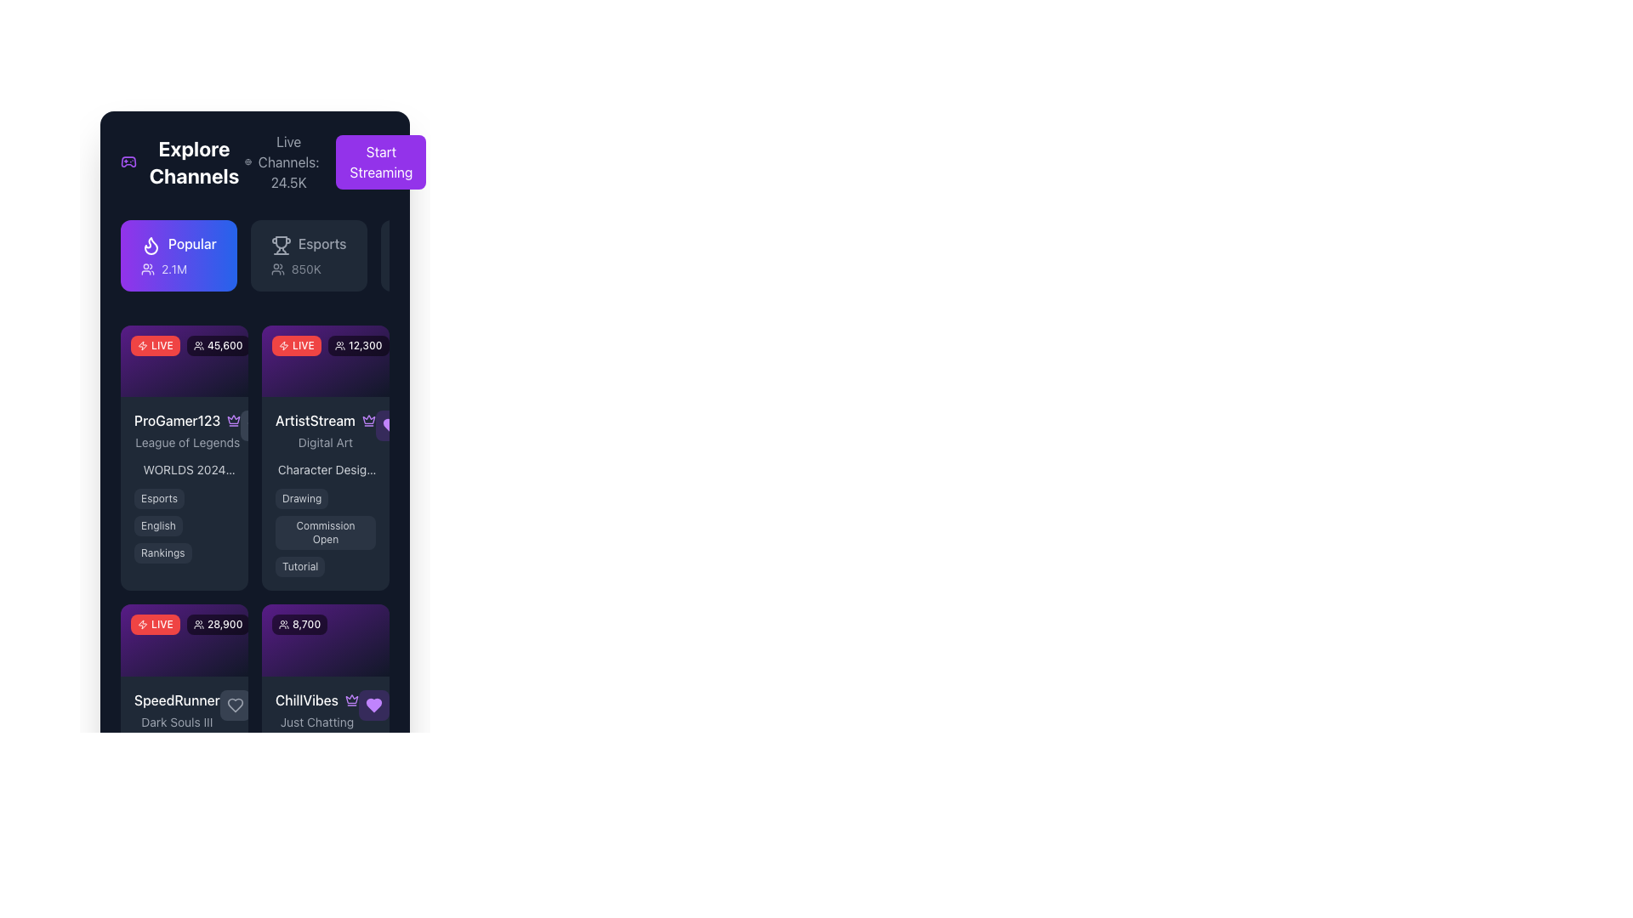 The width and height of the screenshot is (1633, 918). What do you see at coordinates (233, 419) in the screenshot?
I see `the status icon representing premium features associated with the 'ArtistStream' content, located next to the channel name` at bounding box center [233, 419].